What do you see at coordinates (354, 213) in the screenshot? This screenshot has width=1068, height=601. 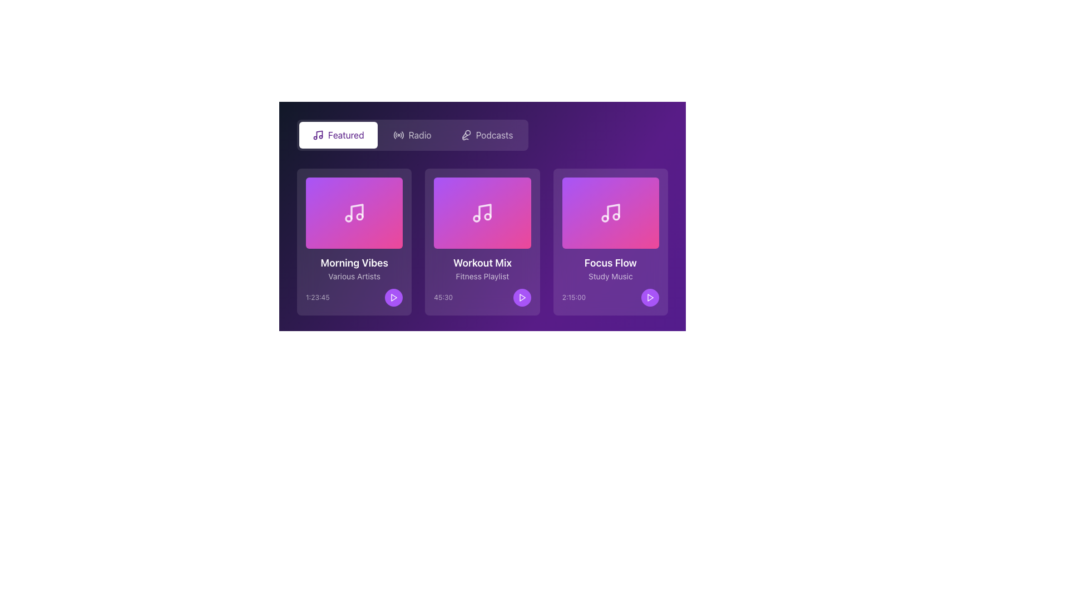 I see `the musical note icon displayed in white with a slight transparency effect, located at the center of the first card among three horizontally arranged cards` at bounding box center [354, 213].